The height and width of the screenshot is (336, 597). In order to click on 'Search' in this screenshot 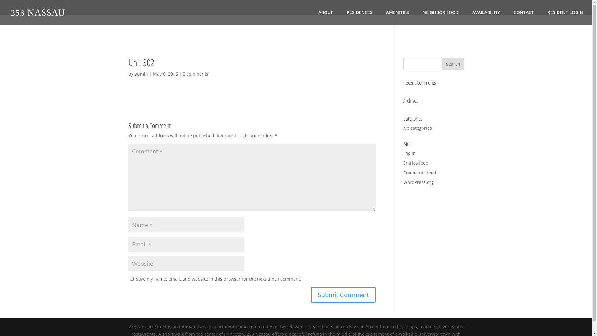, I will do `click(442, 64)`.